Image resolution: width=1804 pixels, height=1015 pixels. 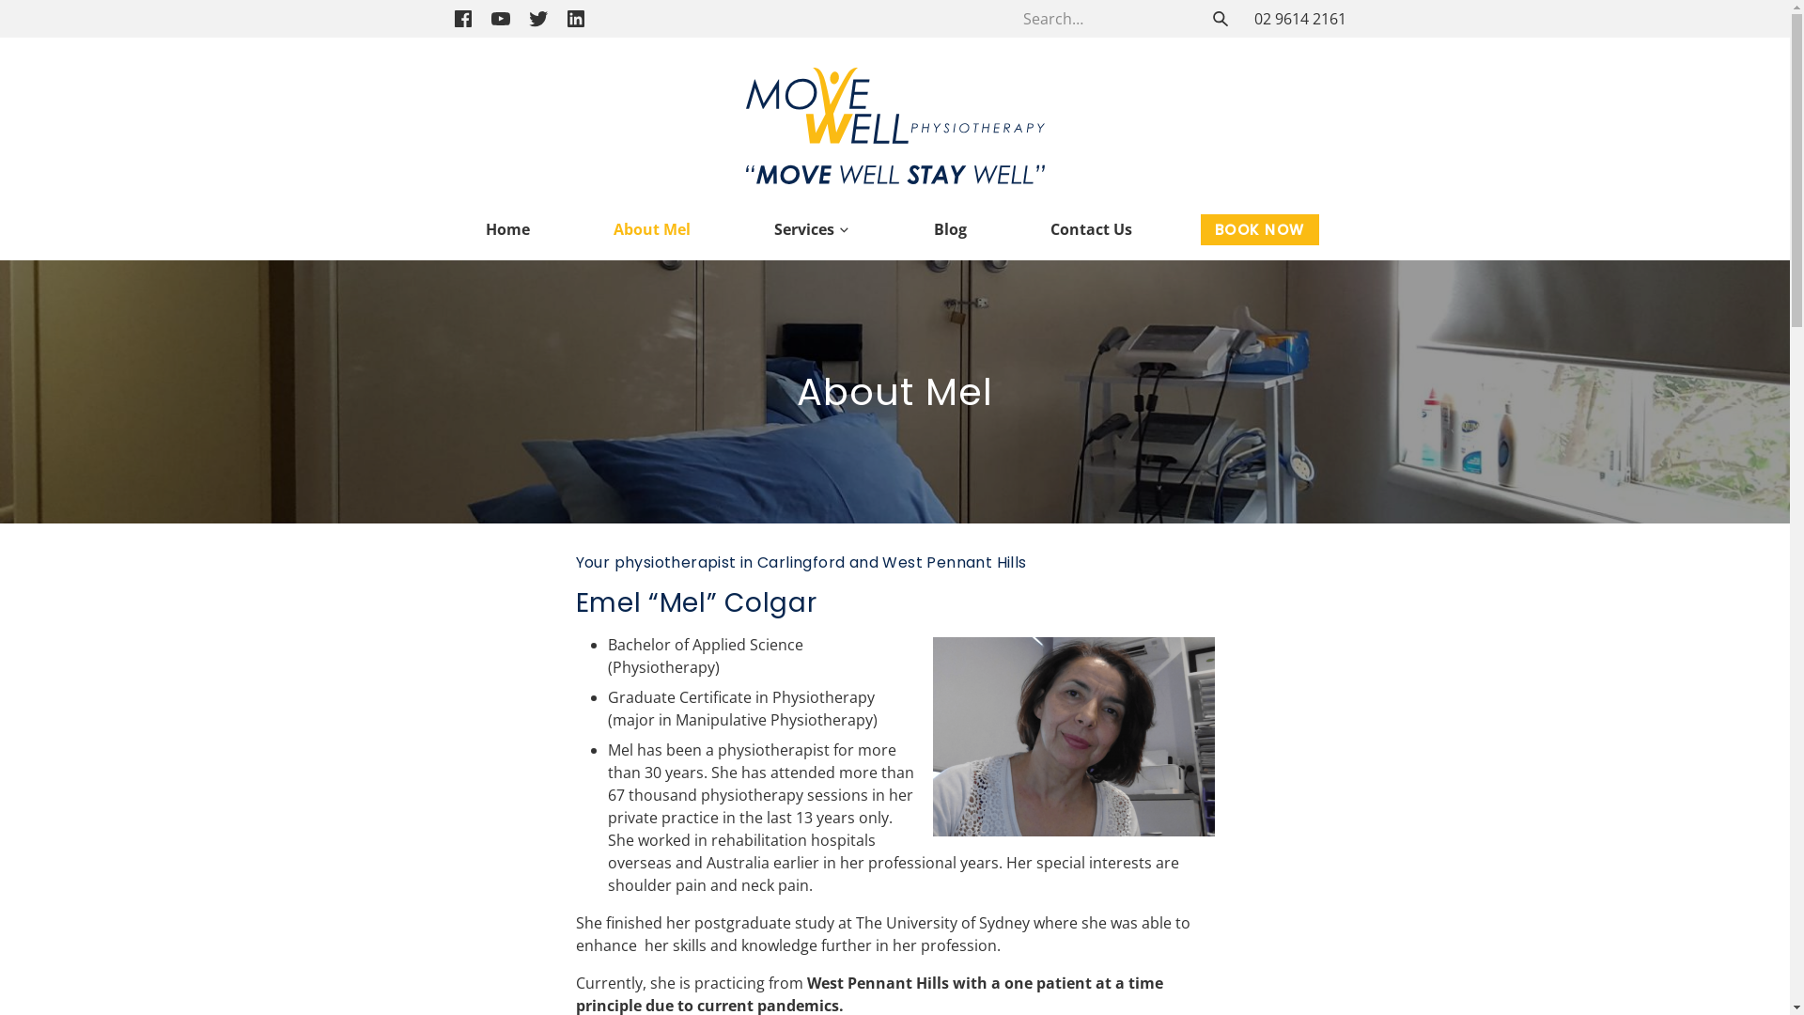 I want to click on 'BOOK NOW', so click(x=1259, y=228).